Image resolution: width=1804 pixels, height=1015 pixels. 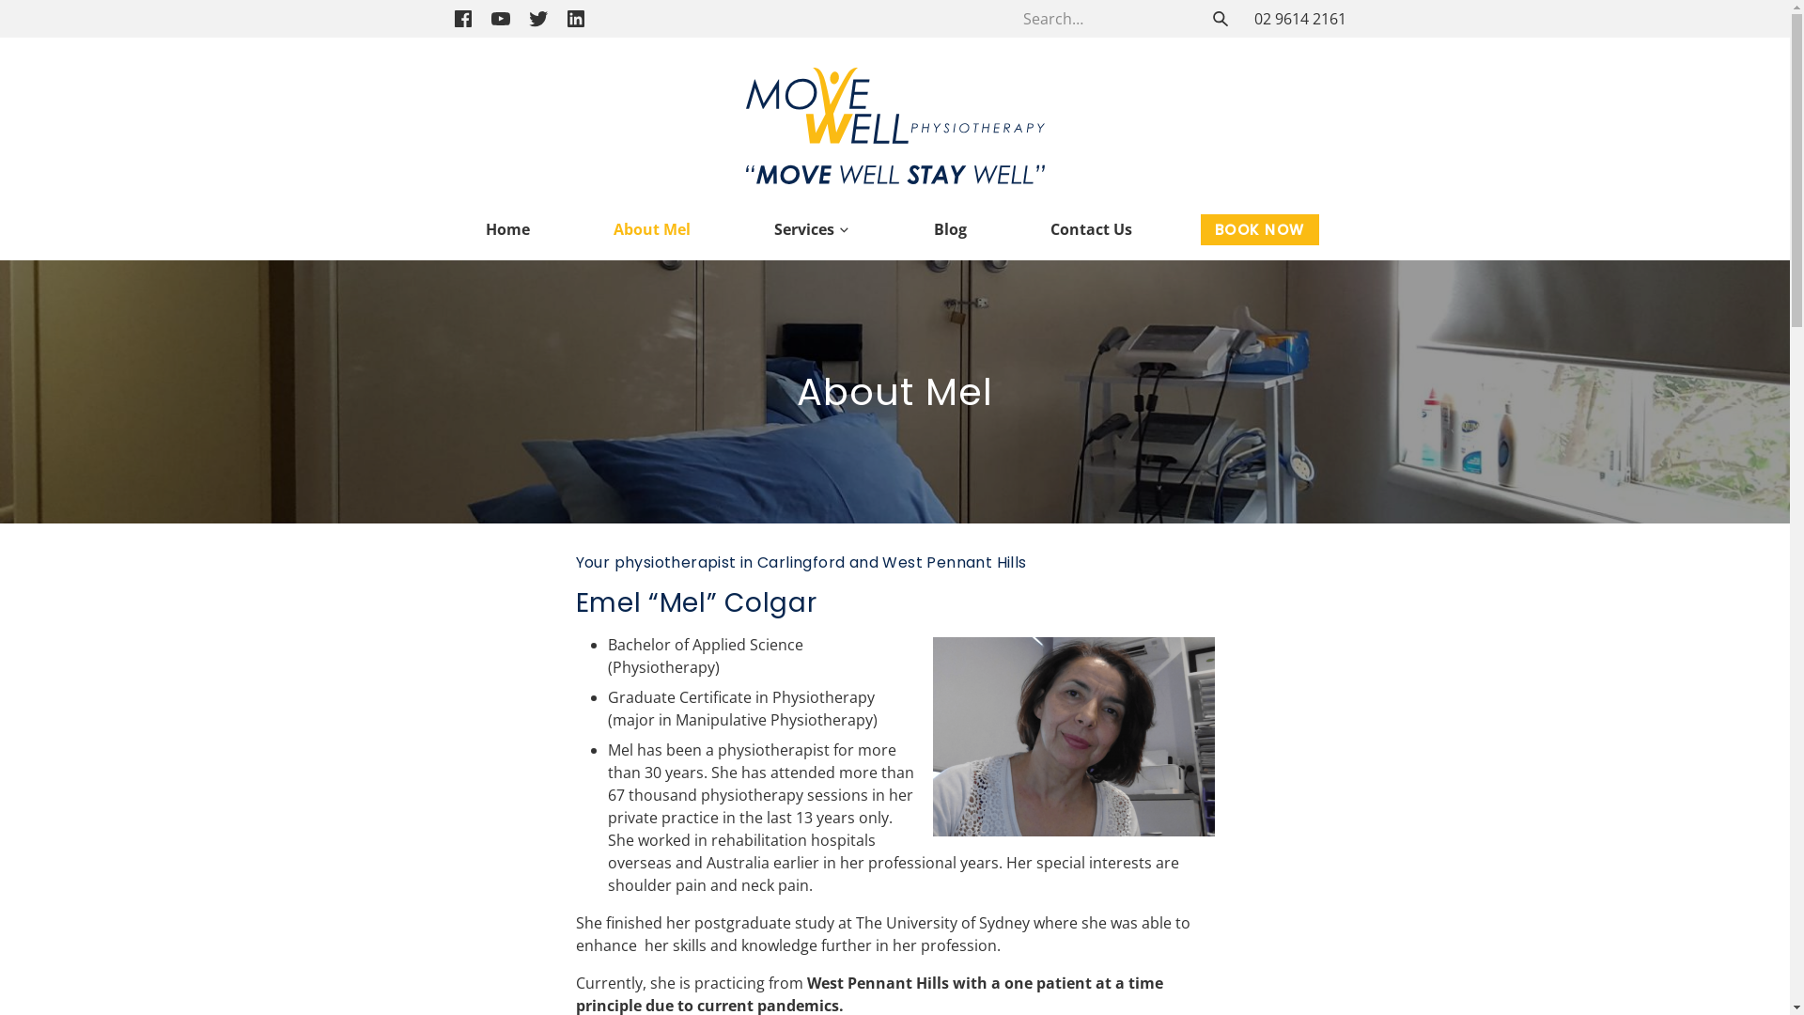 I want to click on 'BOOK NOW', so click(x=1259, y=228).